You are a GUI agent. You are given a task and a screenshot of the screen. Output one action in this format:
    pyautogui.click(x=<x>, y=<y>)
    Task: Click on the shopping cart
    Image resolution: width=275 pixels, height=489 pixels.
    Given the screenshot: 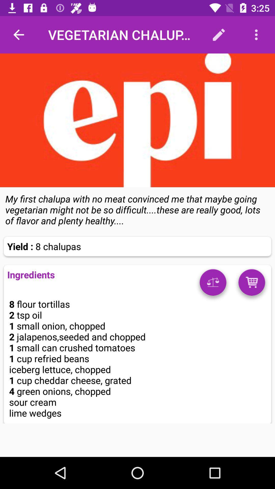 What is the action you would take?
    pyautogui.click(x=251, y=284)
    